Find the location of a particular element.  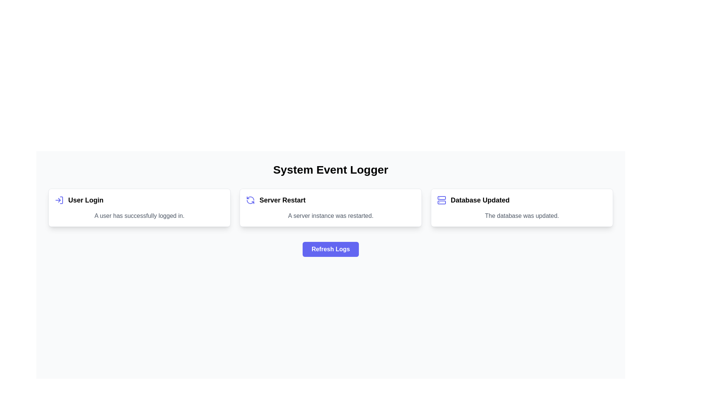

details within the descriptive card component that summarizes a server restart, which is centrally positioned in the grid layout as the second card is located at coordinates (330, 208).